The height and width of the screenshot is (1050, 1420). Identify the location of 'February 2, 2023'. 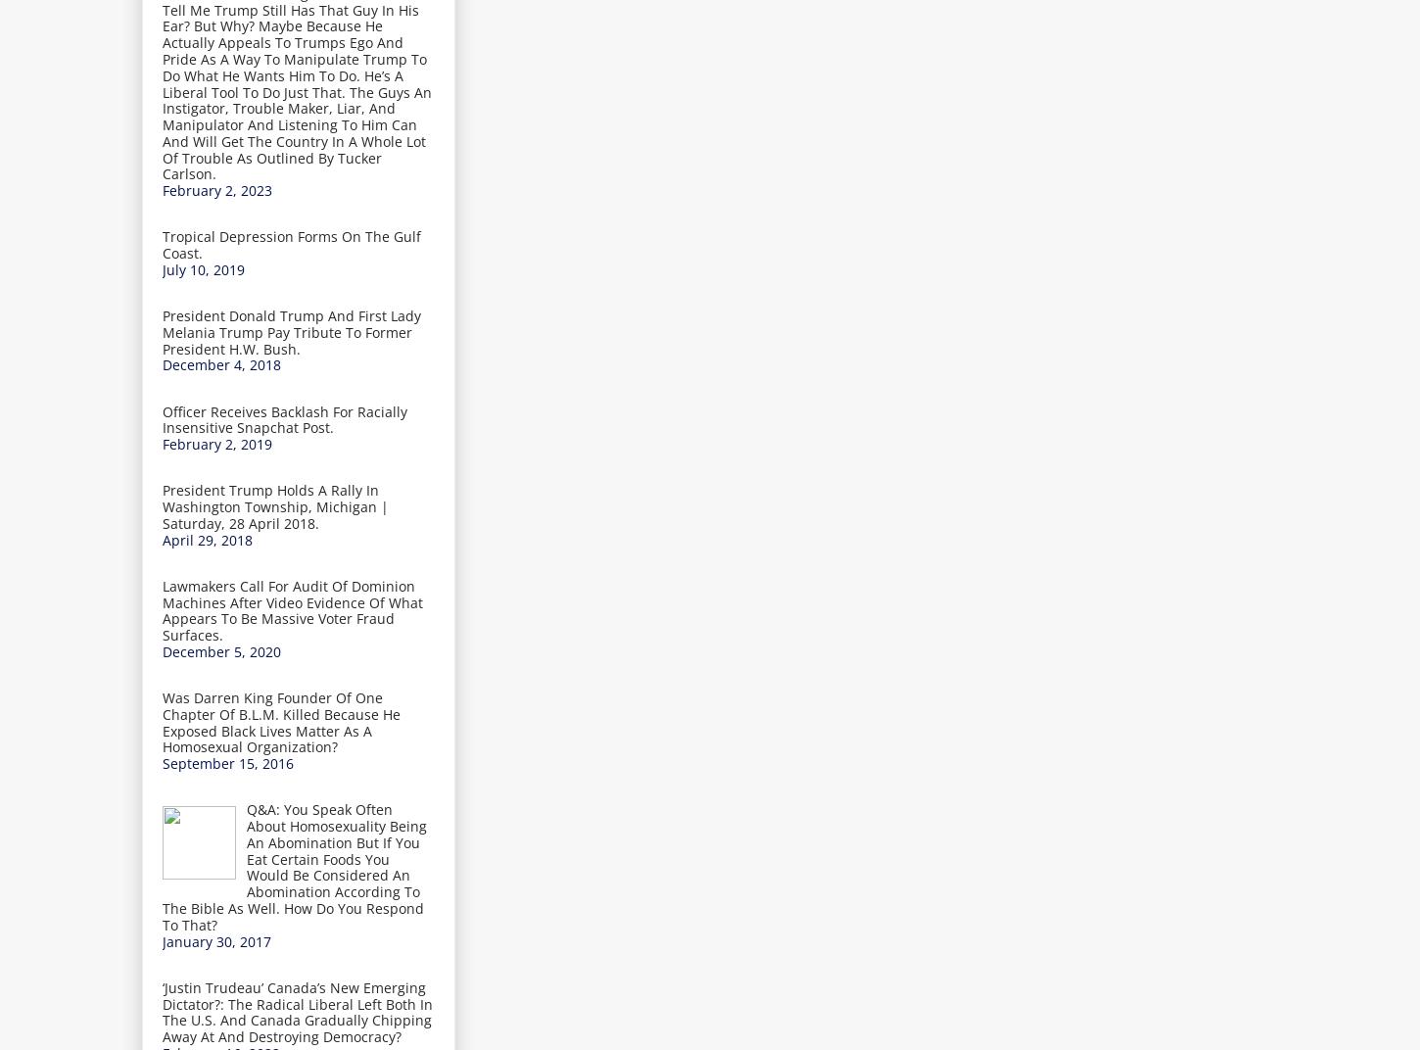
(162, 189).